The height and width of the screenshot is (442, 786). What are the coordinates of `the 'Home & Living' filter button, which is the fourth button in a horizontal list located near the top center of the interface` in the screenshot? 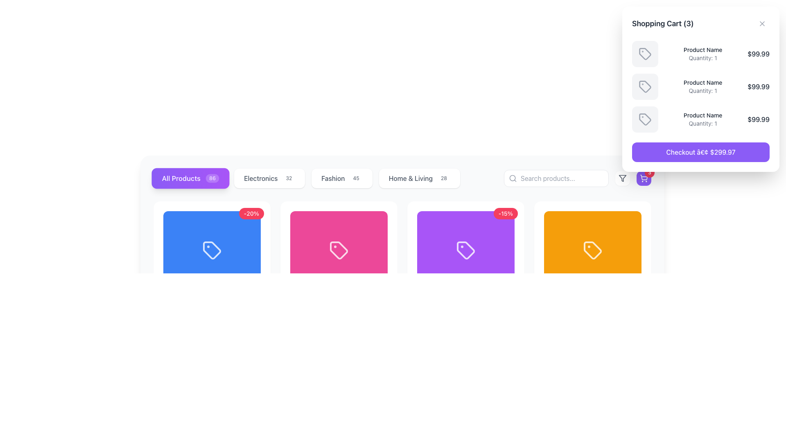 It's located at (419, 178).